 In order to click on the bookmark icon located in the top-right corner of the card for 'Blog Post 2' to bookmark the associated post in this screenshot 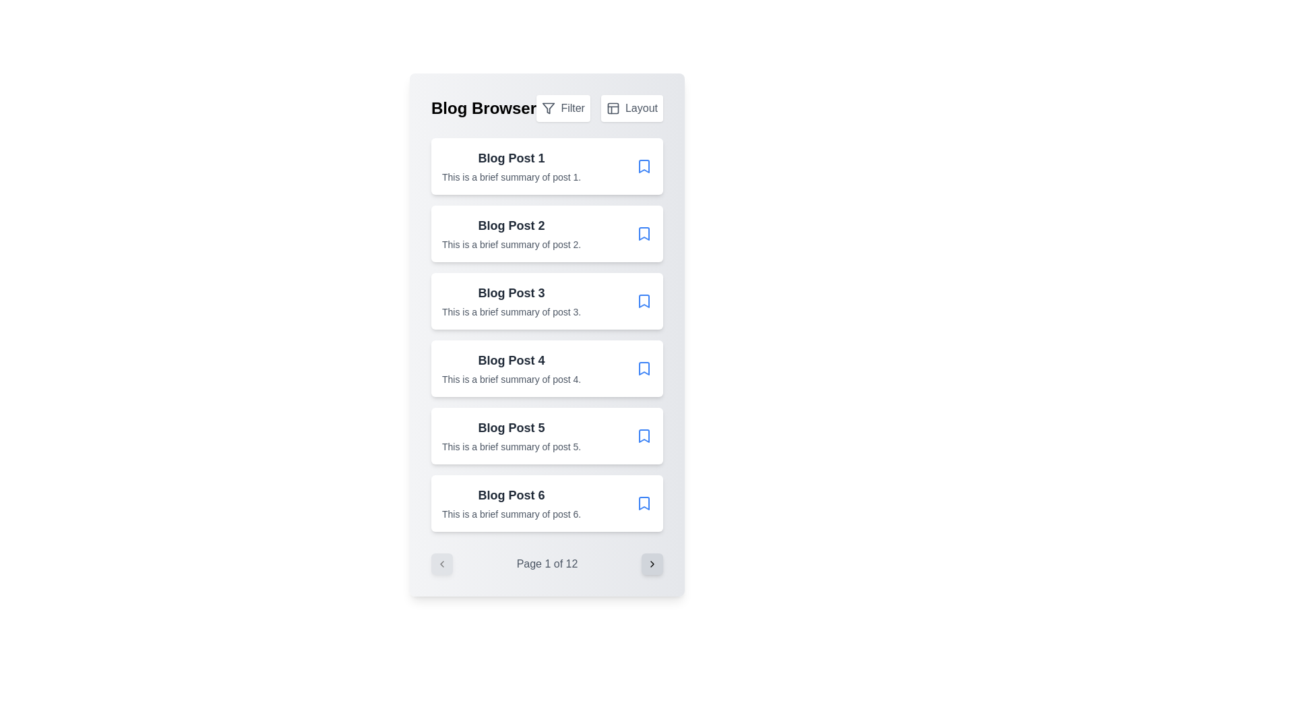, I will do `click(643, 233)`.